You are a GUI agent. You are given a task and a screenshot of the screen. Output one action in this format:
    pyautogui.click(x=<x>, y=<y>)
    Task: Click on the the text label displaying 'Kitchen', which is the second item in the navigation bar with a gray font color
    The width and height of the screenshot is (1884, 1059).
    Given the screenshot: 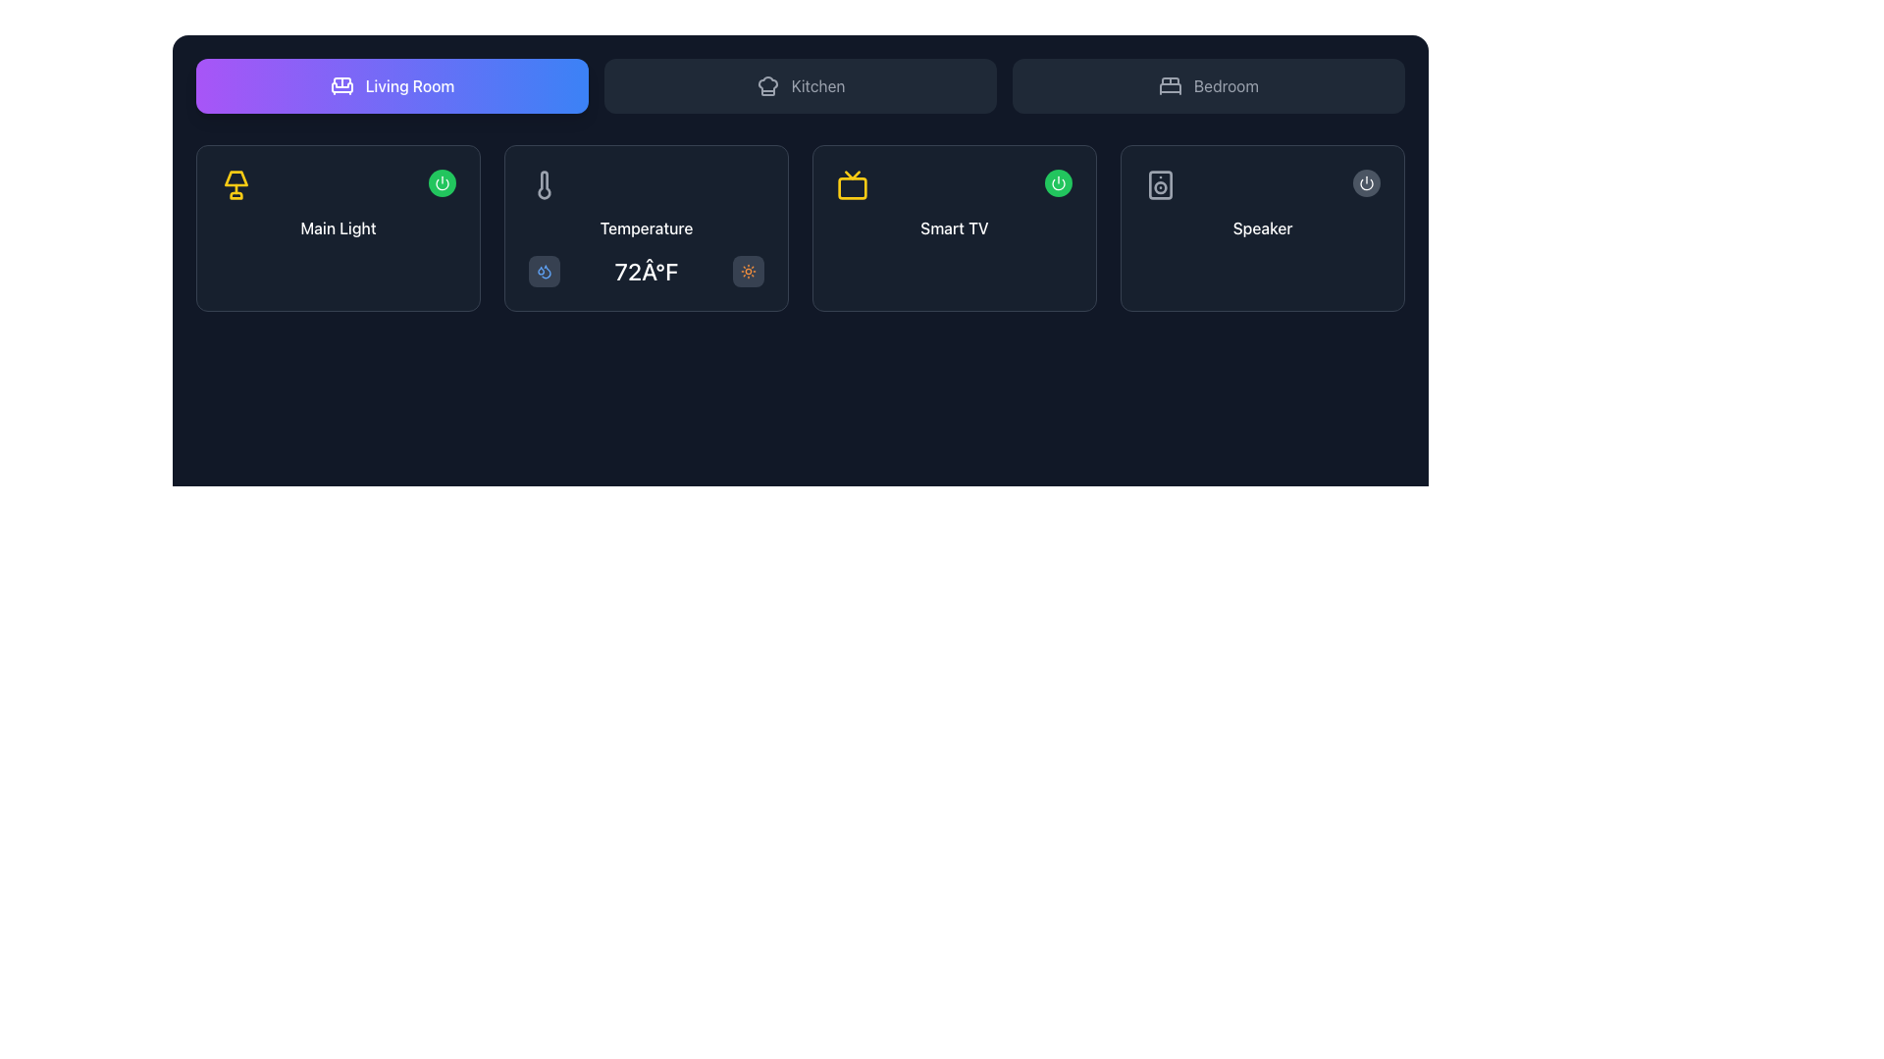 What is the action you would take?
    pyautogui.click(x=818, y=85)
    